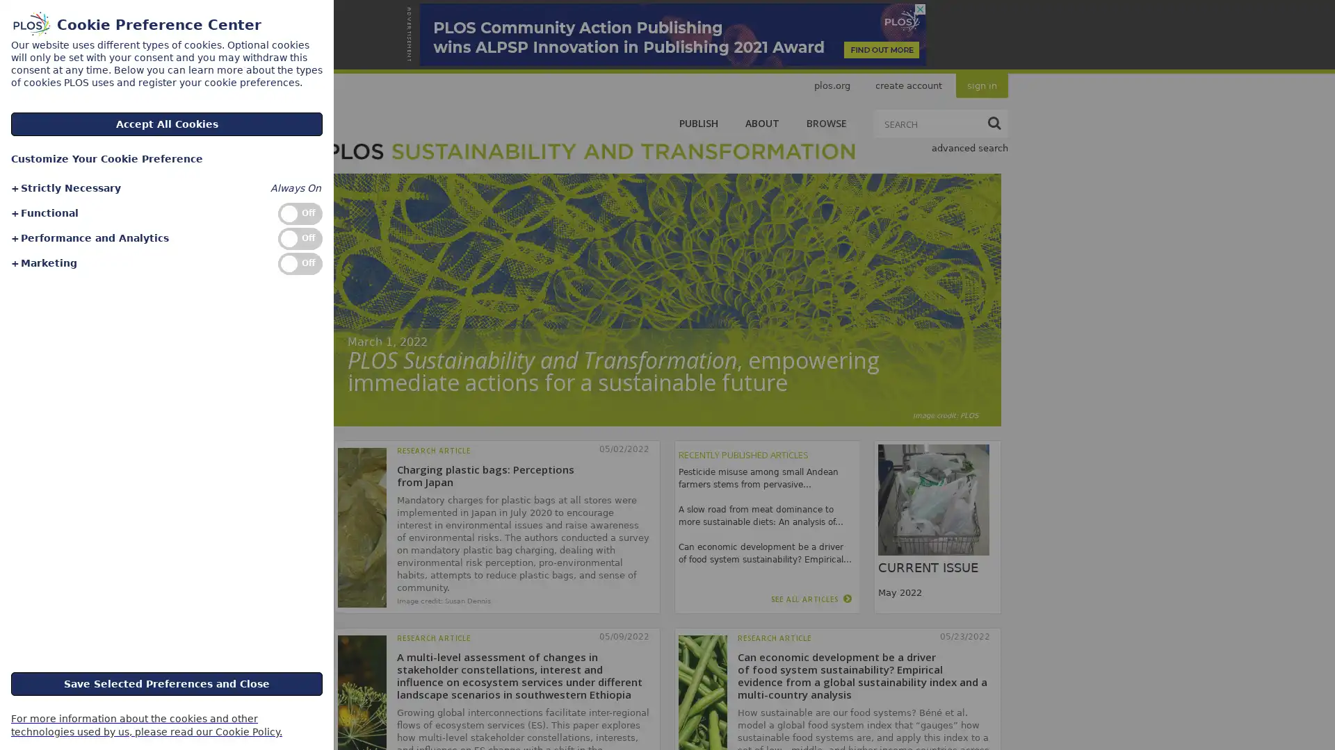 The width and height of the screenshot is (1335, 750). I want to click on Save Selected Preferences and Close, so click(167, 682).